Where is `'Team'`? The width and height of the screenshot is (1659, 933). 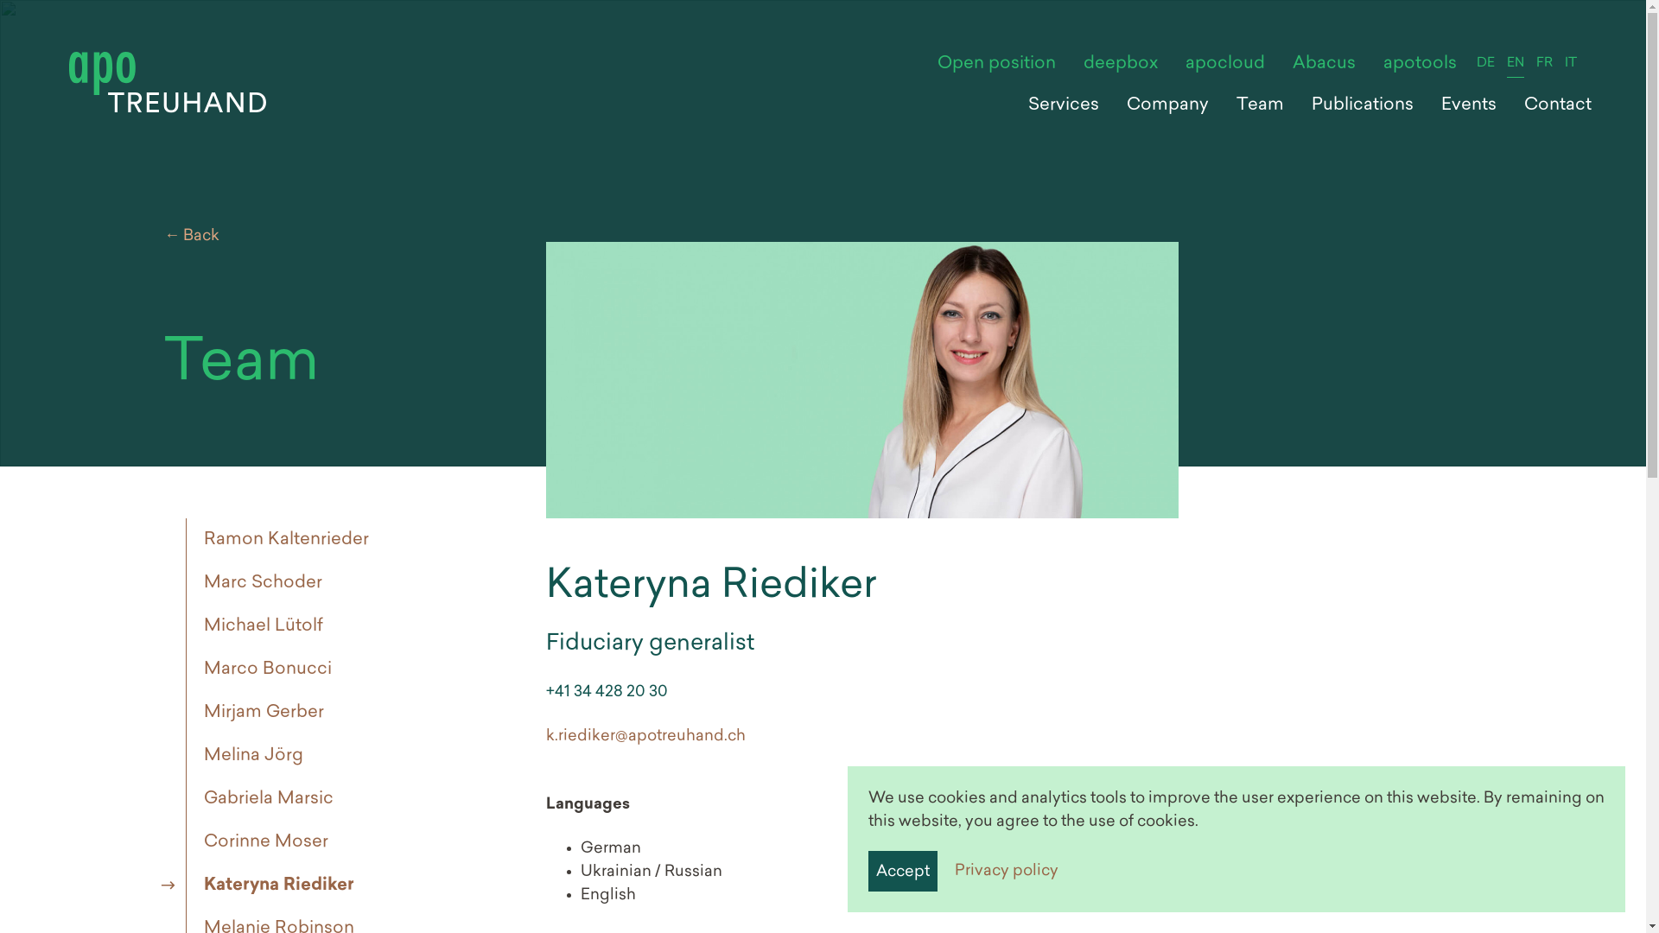
'Team' is located at coordinates (1260, 105).